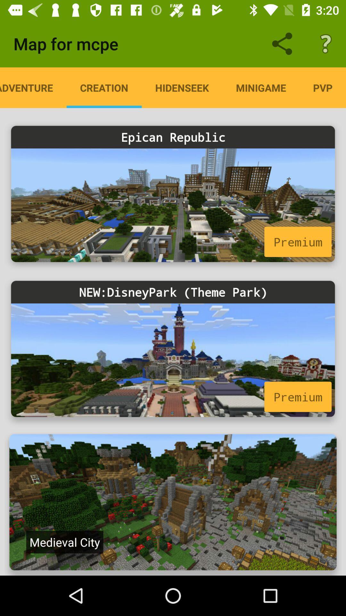 Image resolution: width=346 pixels, height=616 pixels. What do you see at coordinates (173, 360) in the screenshot?
I see `advertisement` at bounding box center [173, 360].